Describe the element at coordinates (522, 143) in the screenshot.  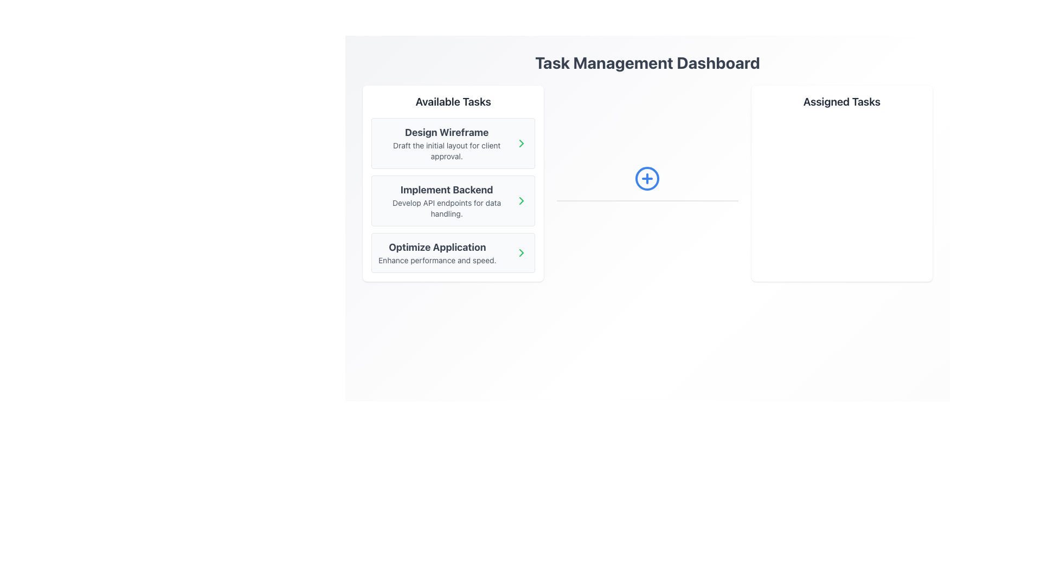
I see `the green right-pointing chevron icon at the right edge of the 'Design Wireframe' task card to change its color` at that location.